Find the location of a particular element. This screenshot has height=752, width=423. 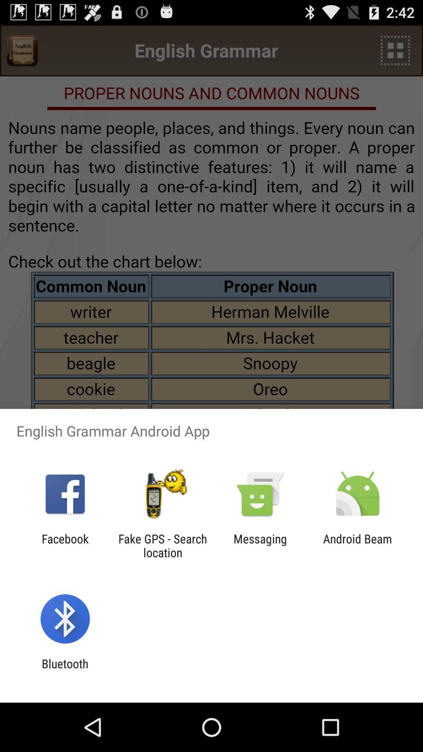

app to the right of fake gps search item is located at coordinates (260, 545).